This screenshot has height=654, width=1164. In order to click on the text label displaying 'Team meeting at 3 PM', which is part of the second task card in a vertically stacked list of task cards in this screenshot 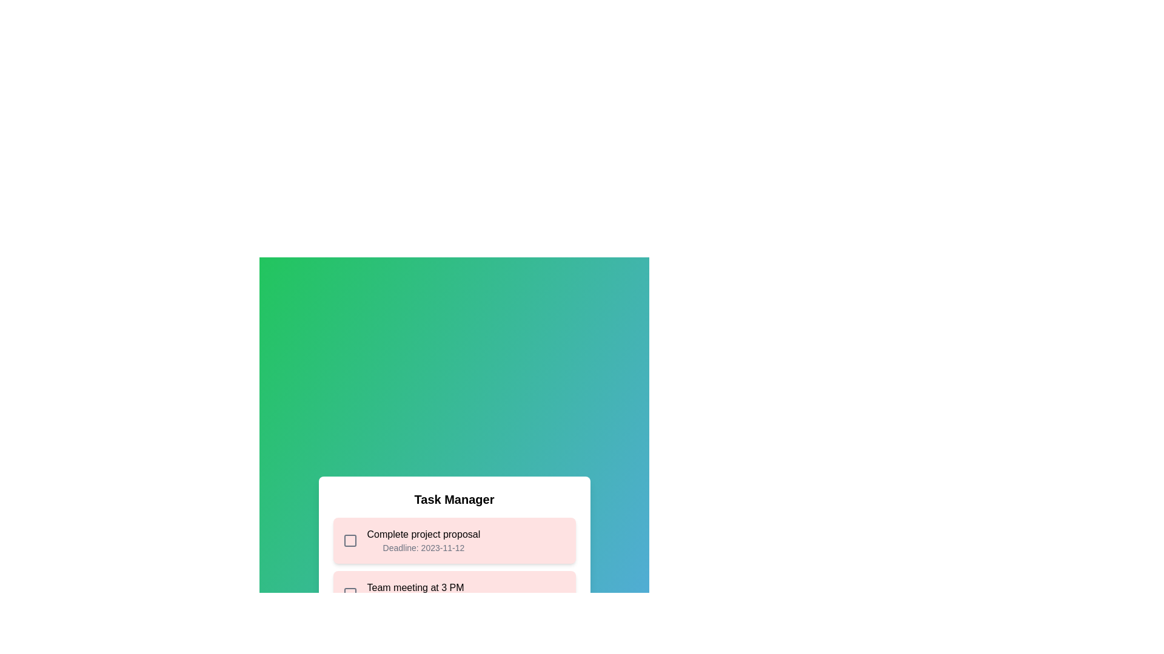, I will do `click(415, 593)`.